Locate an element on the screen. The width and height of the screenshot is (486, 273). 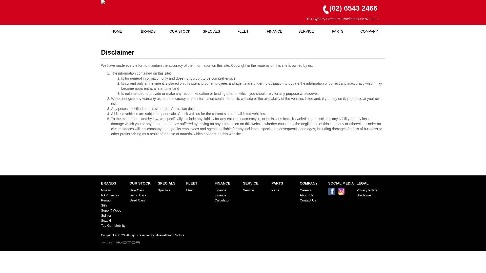
'Specials' is located at coordinates (171, 190).